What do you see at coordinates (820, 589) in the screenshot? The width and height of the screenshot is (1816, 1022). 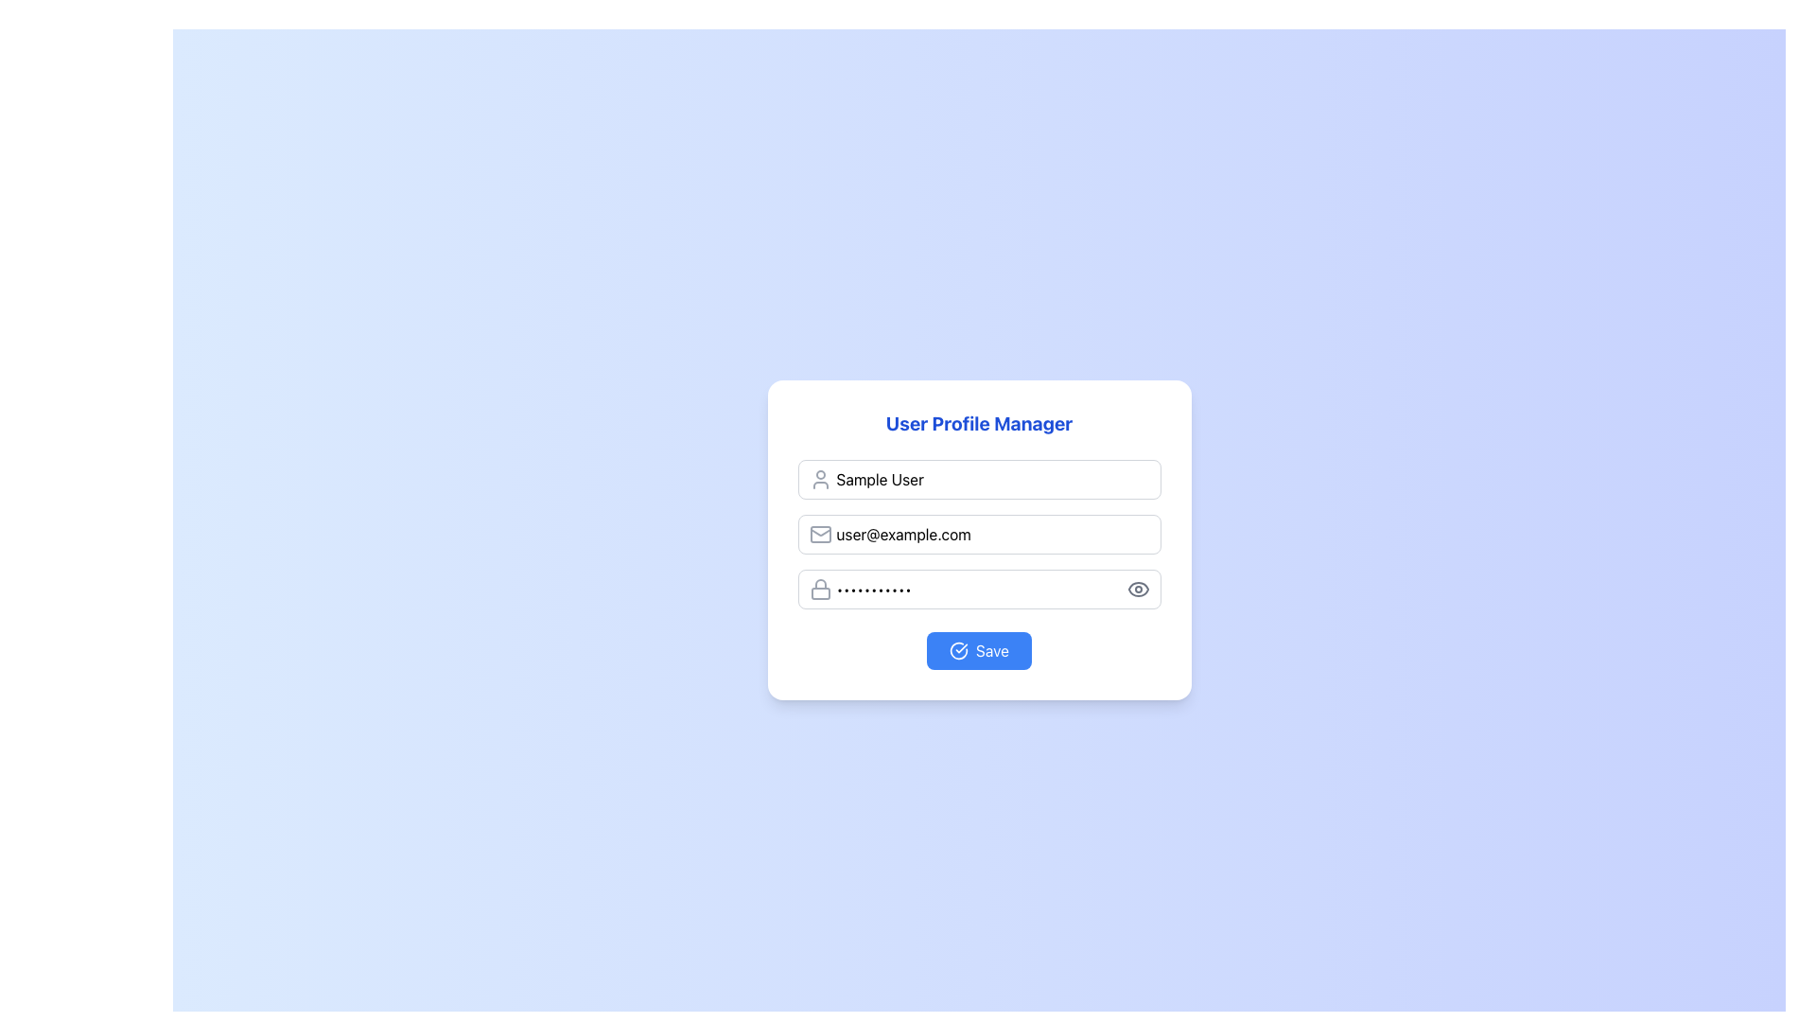 I see `the icon indicating the password input field's purpose, located to the left of the placeholder text` at bounding box center [820, 589].